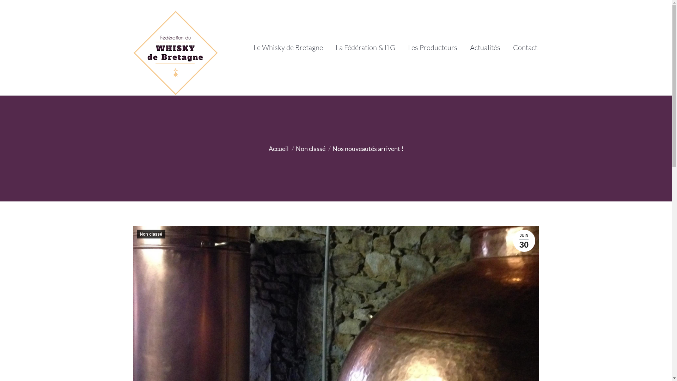  I want to click on 'Les Producteurs', so click(432, 48).